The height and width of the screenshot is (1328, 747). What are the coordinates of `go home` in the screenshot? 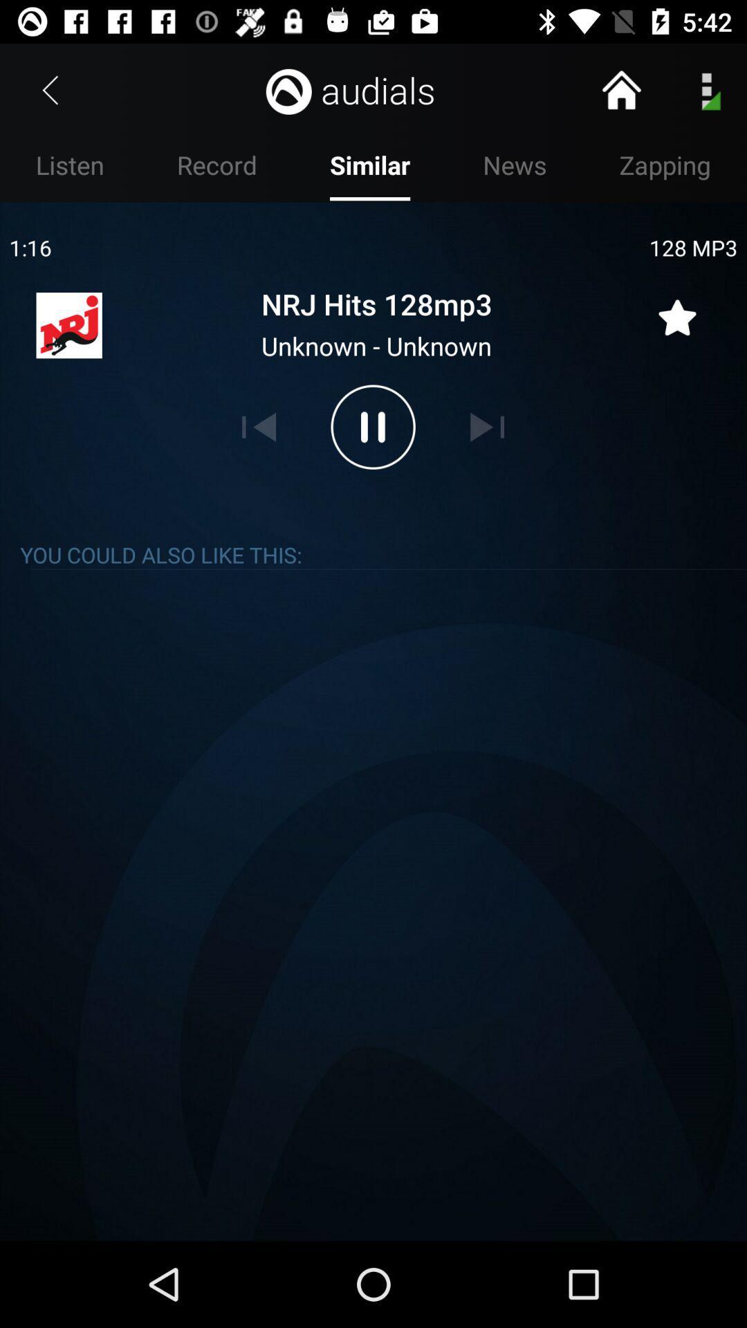 It's located at (620, 89).